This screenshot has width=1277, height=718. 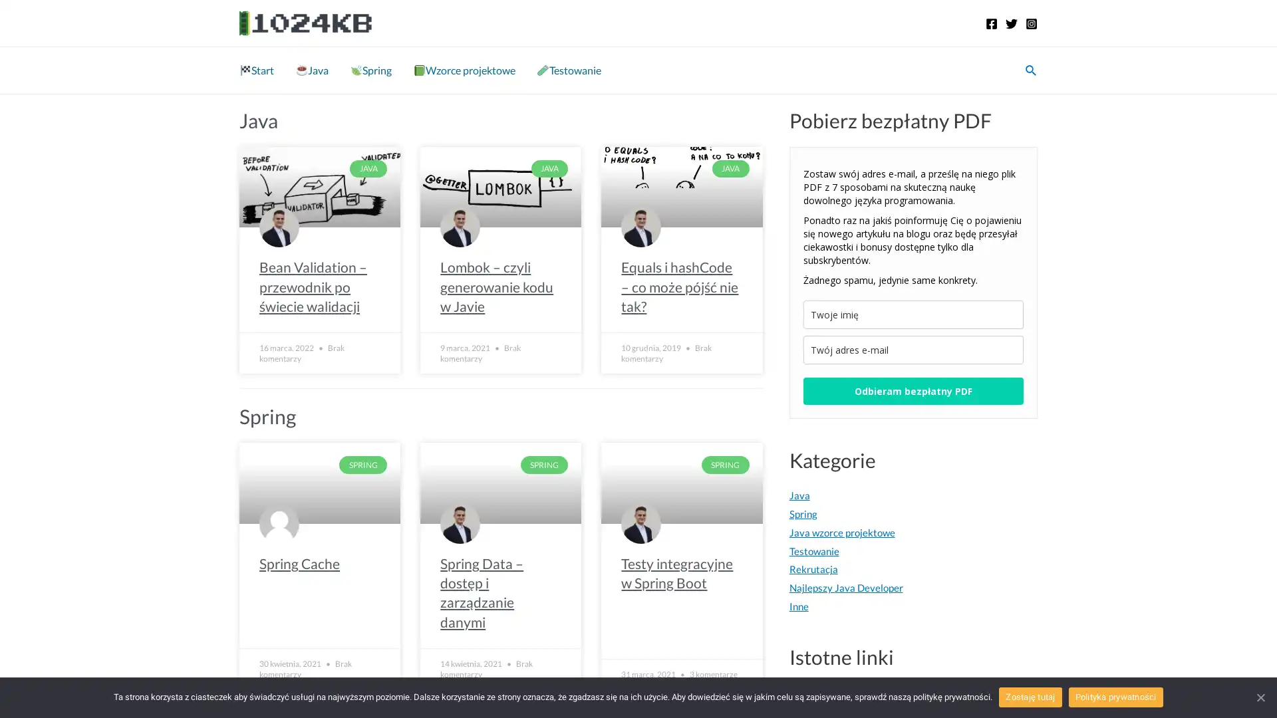 I want to click on Odbieram bezpatny PDF, so click(x=912, y=390).